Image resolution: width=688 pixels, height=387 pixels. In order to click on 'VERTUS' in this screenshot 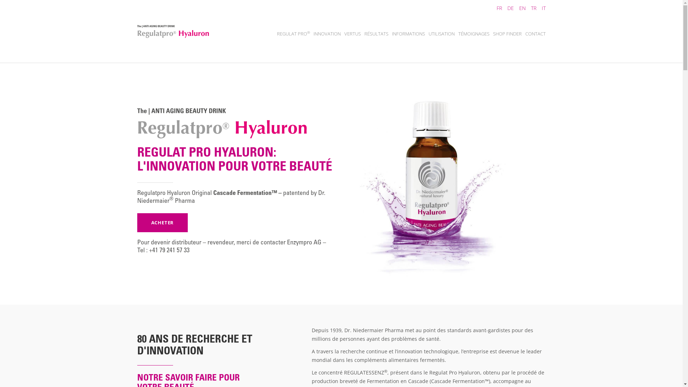, I will do `click(344, 33)`.